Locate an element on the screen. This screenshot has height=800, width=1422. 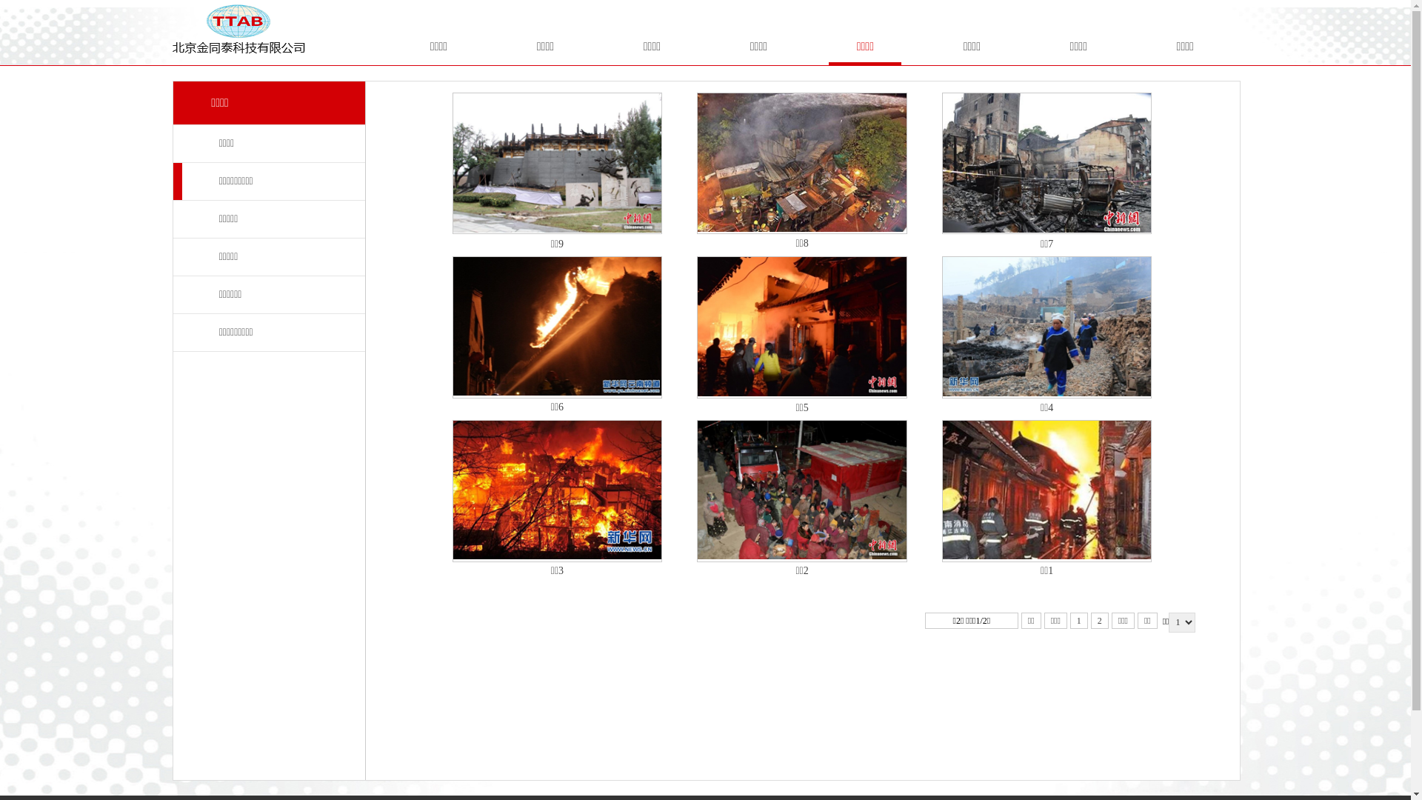
'2' is located at coordinates (1099, 620).